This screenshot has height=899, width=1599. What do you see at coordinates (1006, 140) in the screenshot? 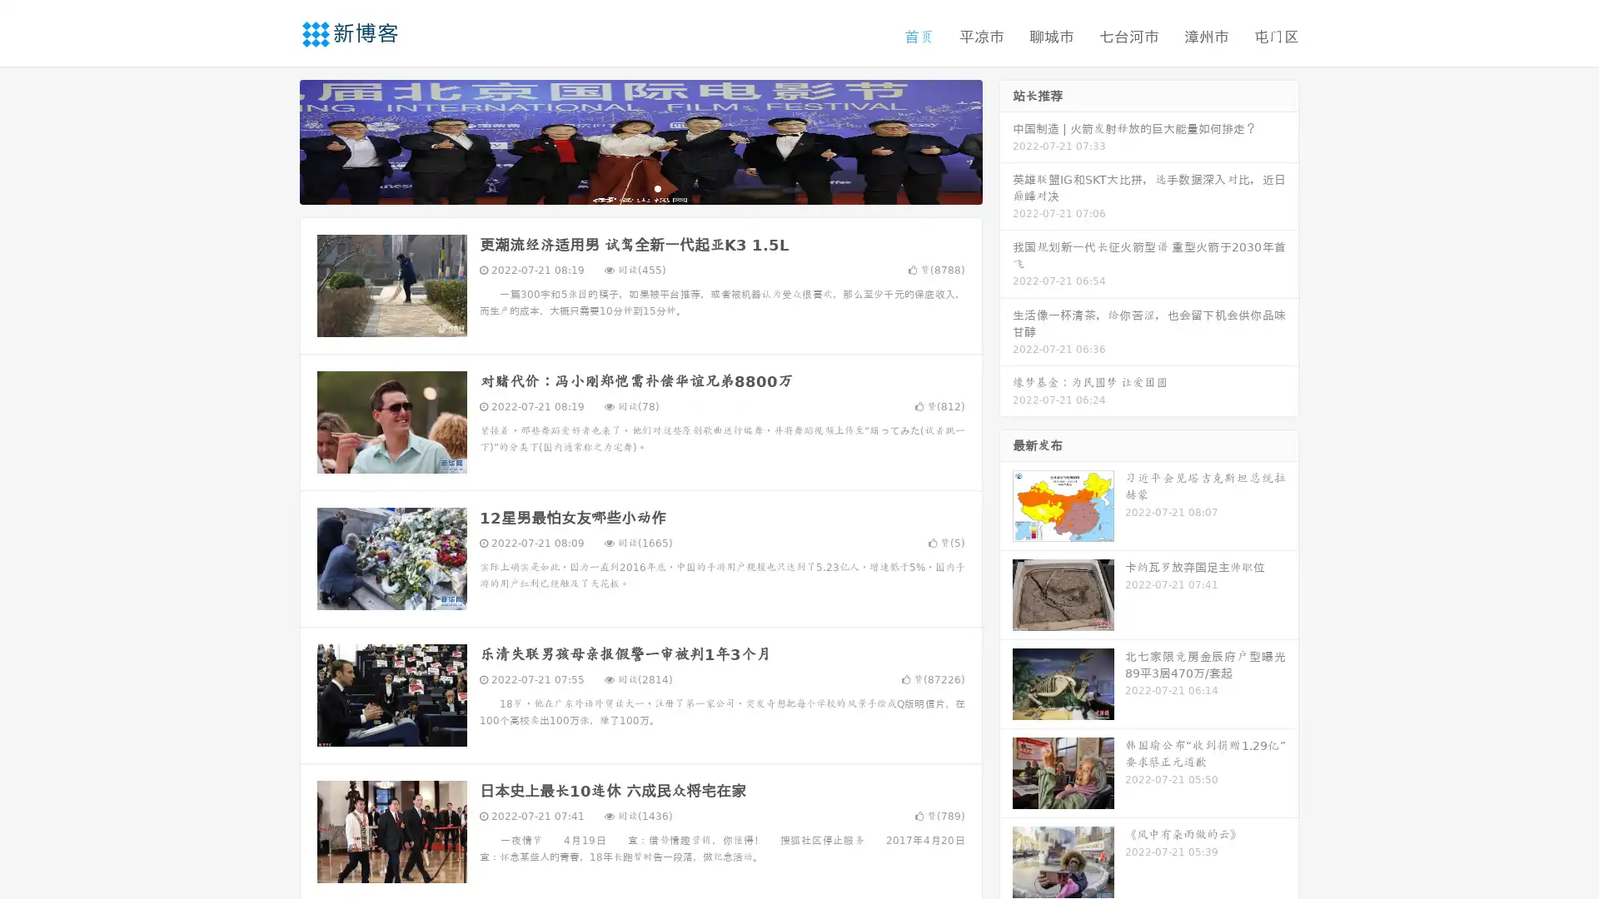
I see `Next slide` at bounding box center [1006, 140].